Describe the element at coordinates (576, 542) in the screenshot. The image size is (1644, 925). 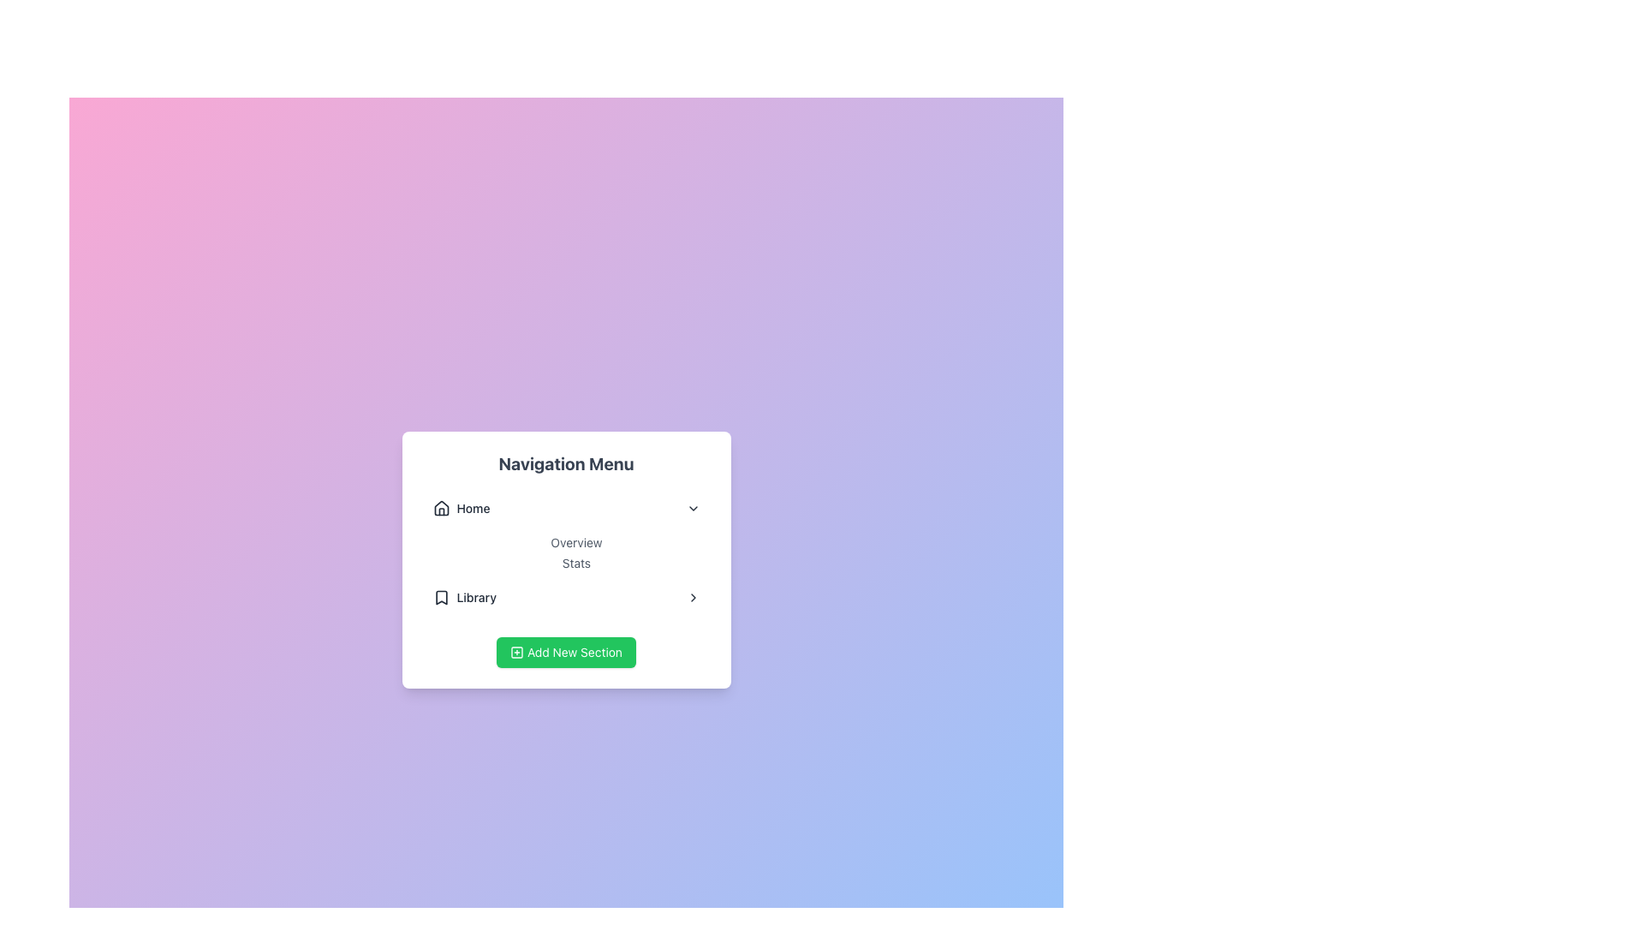
I see `the 'Overview' section in the navigation menu, which is the first item in a vertical list of two items ('Overview' and 'Stats')` at that location.